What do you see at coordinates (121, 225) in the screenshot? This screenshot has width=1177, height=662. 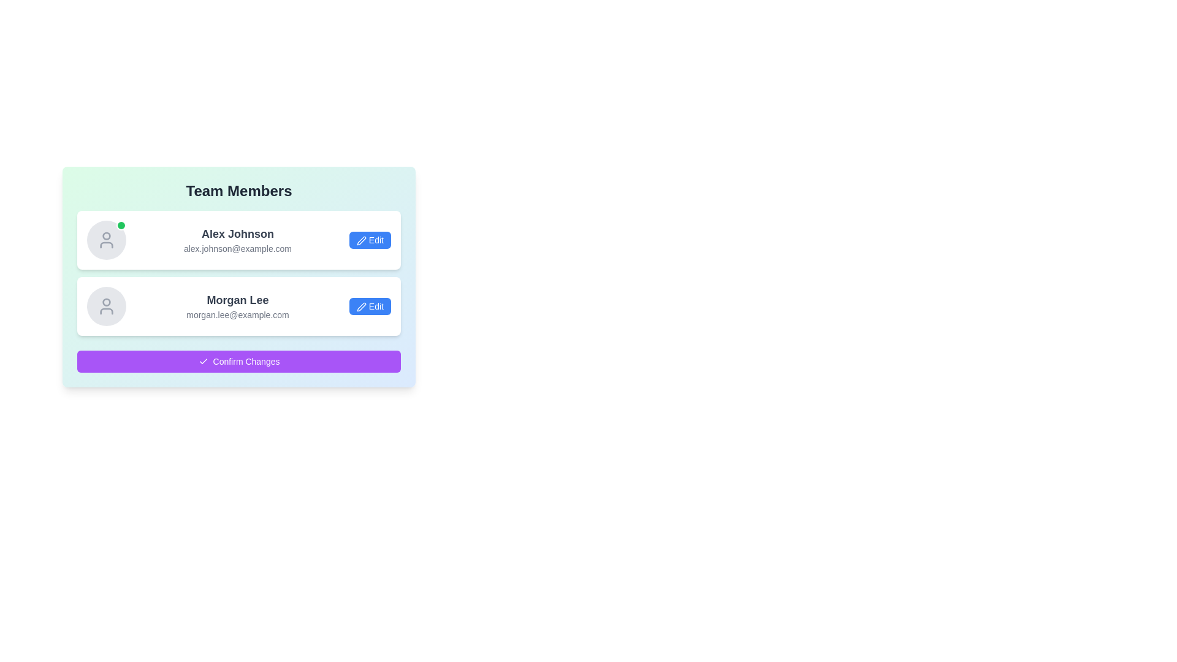 I see `the status indicator located at the top-right corner of the circular user profile picture next to the text 'Alex Johnson'` at bounding box center [121, 225].